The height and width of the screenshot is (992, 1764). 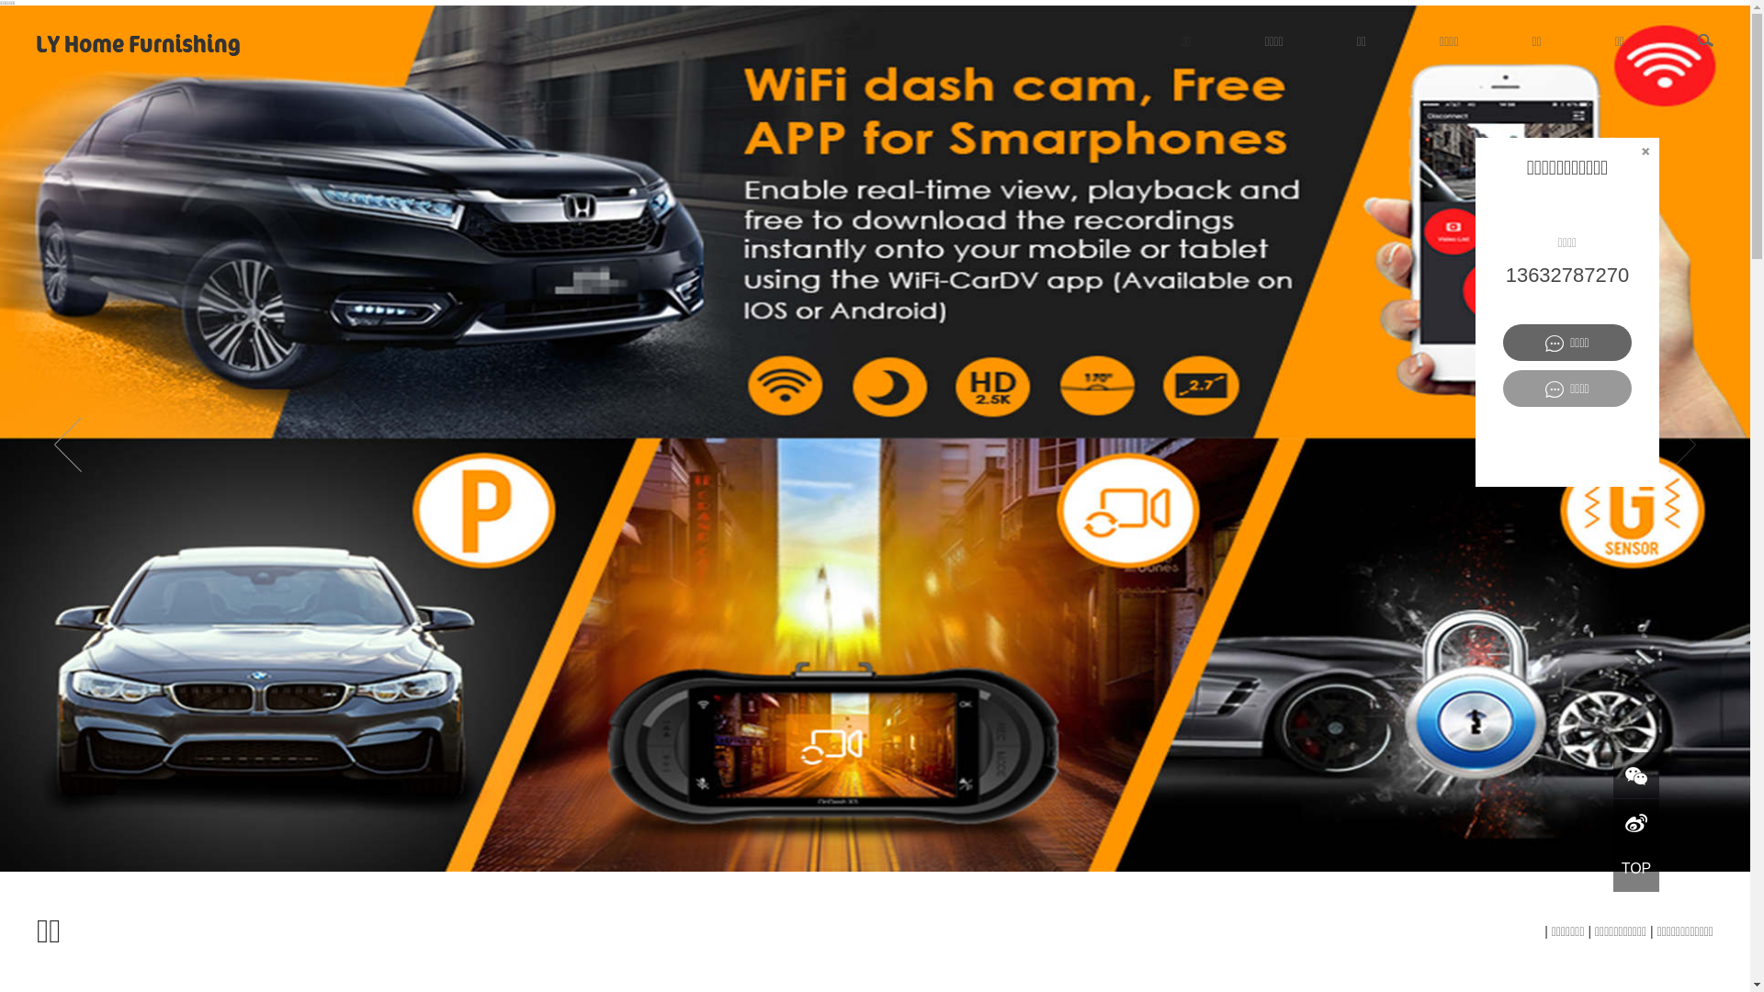 What do you see at coordinates (1635, 868) in the screenshot?
I see `'TOP'` at bounding box center [1635, 868].